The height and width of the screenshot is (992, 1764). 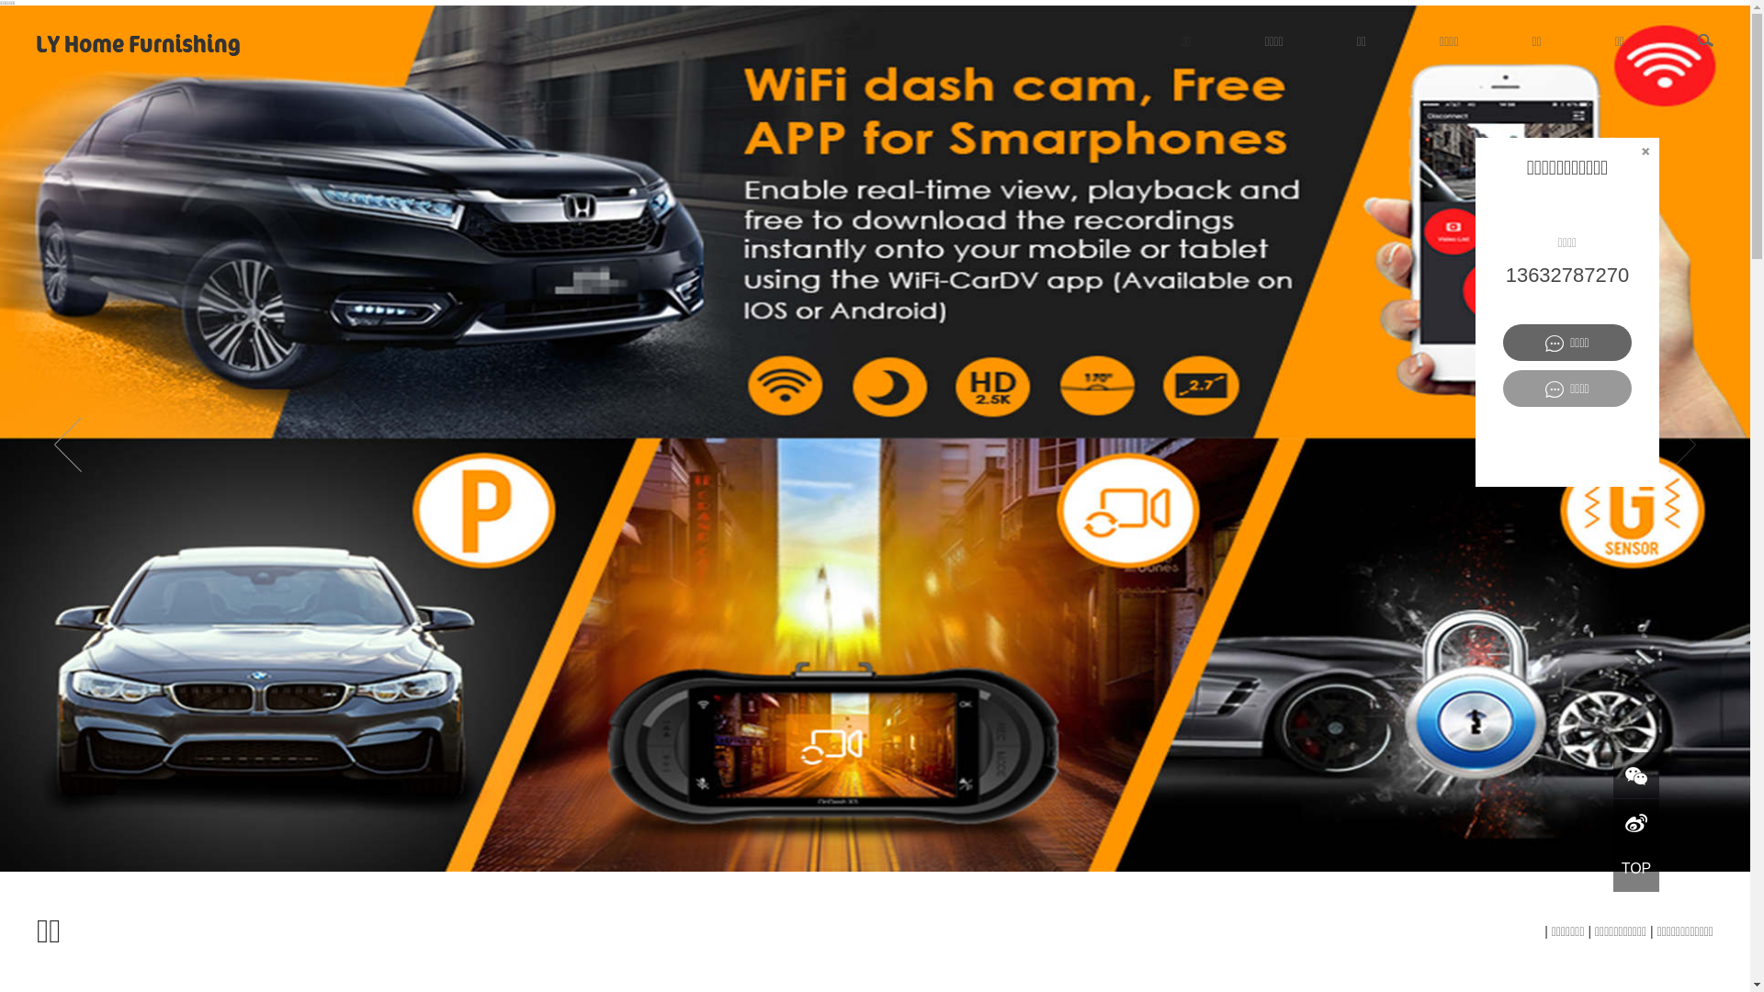 What do you see at coordinates (1635, 868) in the screenshot?
I see `'TOP'` at bounding box center [1635, 868].